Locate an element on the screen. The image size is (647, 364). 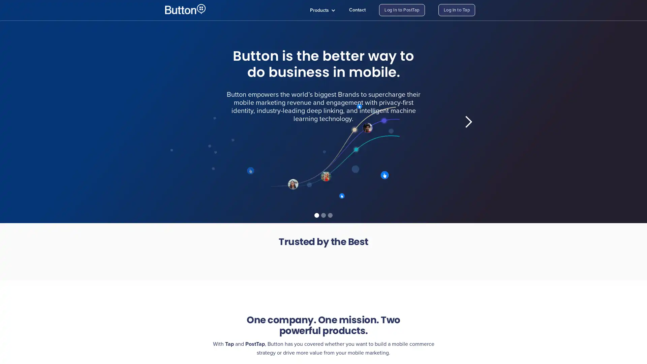
previous slide is located at coordinates (178, 122).